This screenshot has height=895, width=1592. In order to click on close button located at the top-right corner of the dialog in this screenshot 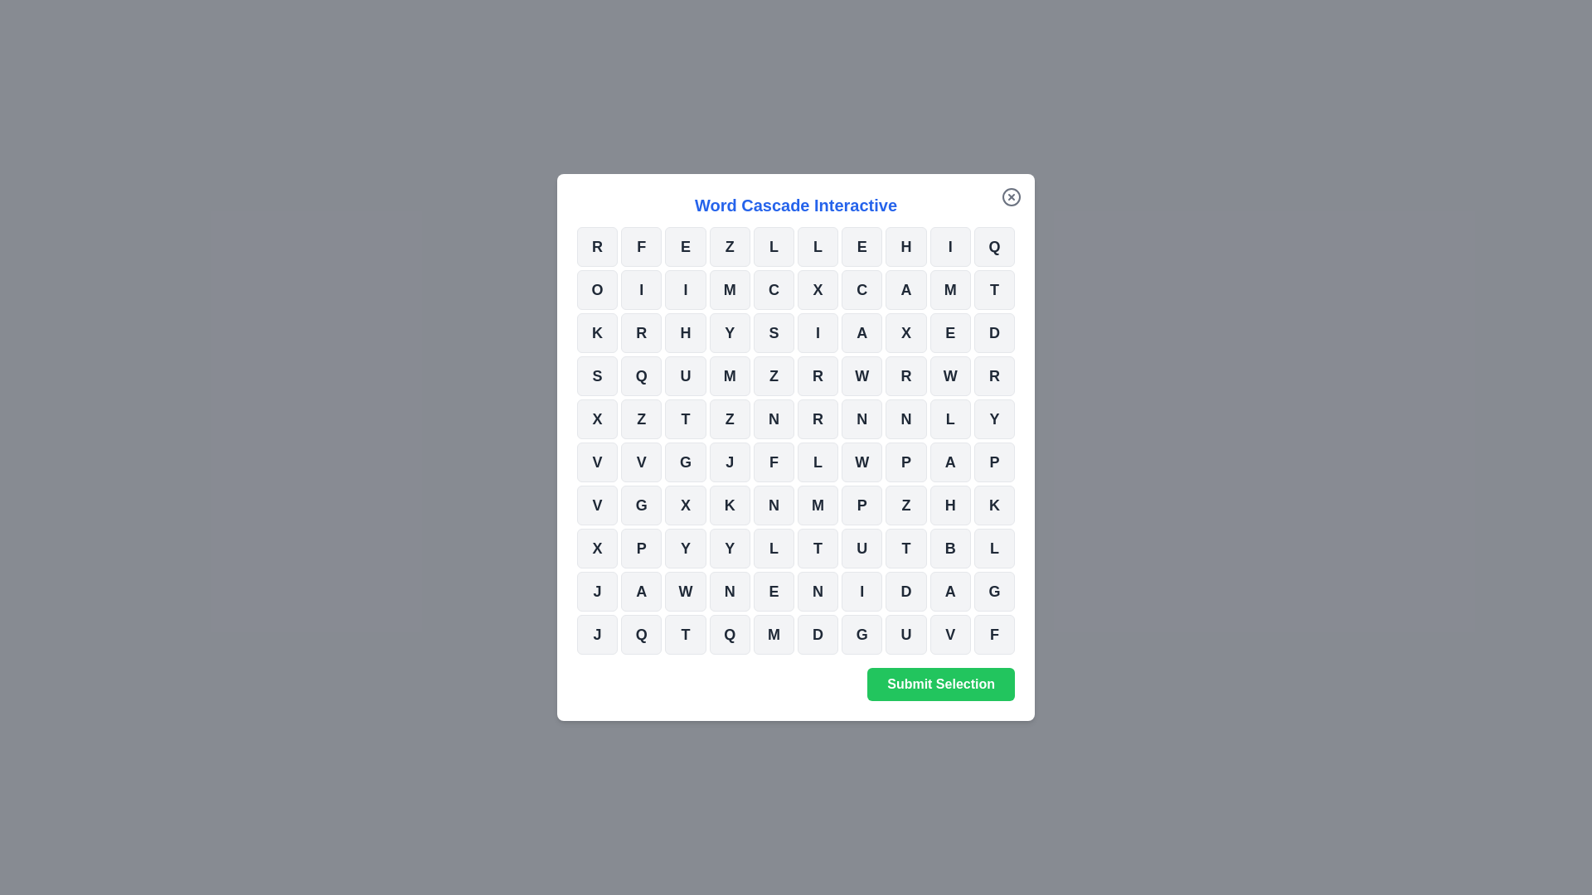, I will do `click(1010, 196)`.